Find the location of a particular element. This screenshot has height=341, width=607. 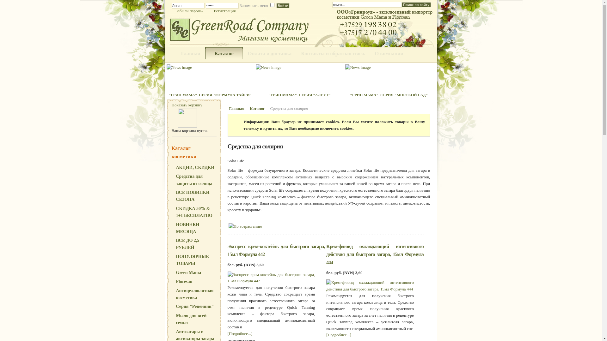

'Floresan' is located at coordinates (194, 281).